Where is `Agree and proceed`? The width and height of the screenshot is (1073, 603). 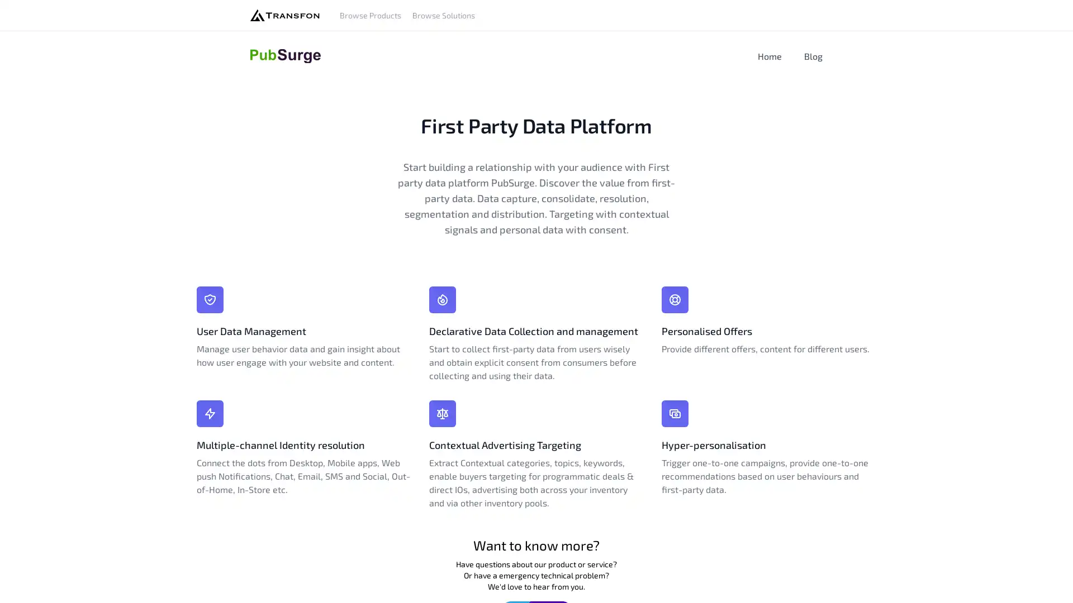
Agree and proceed is located at coordinates (201, 582).